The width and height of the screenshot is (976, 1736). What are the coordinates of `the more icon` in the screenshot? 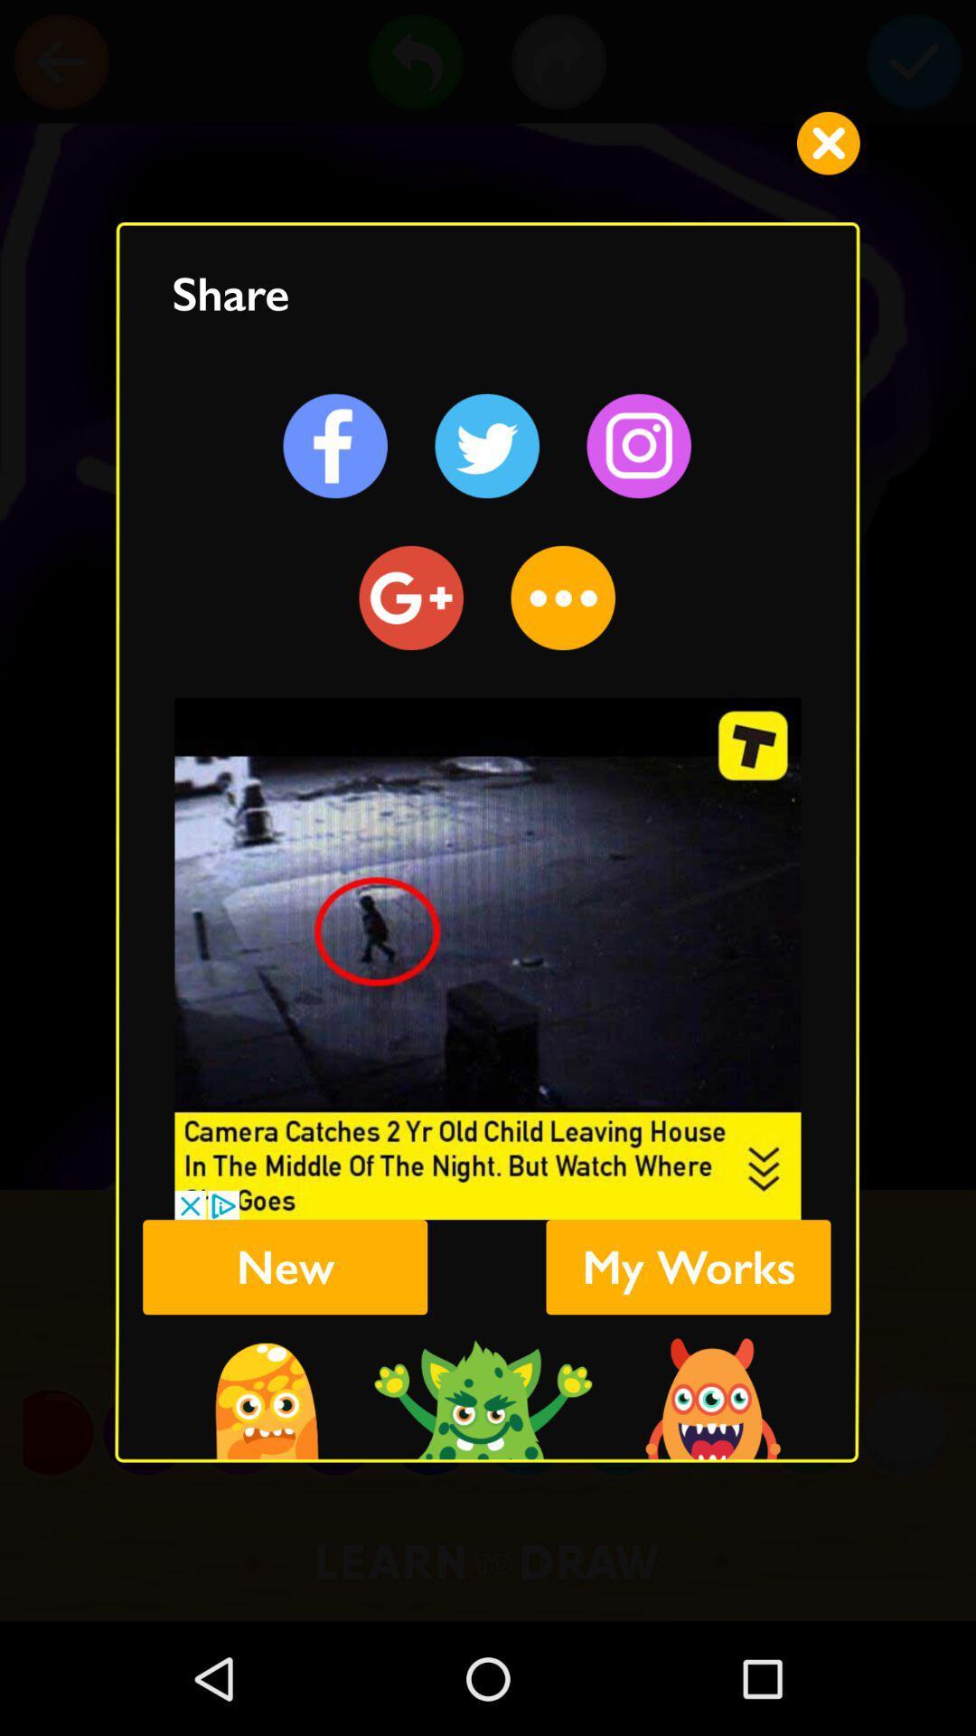 It's located at (562, 598).